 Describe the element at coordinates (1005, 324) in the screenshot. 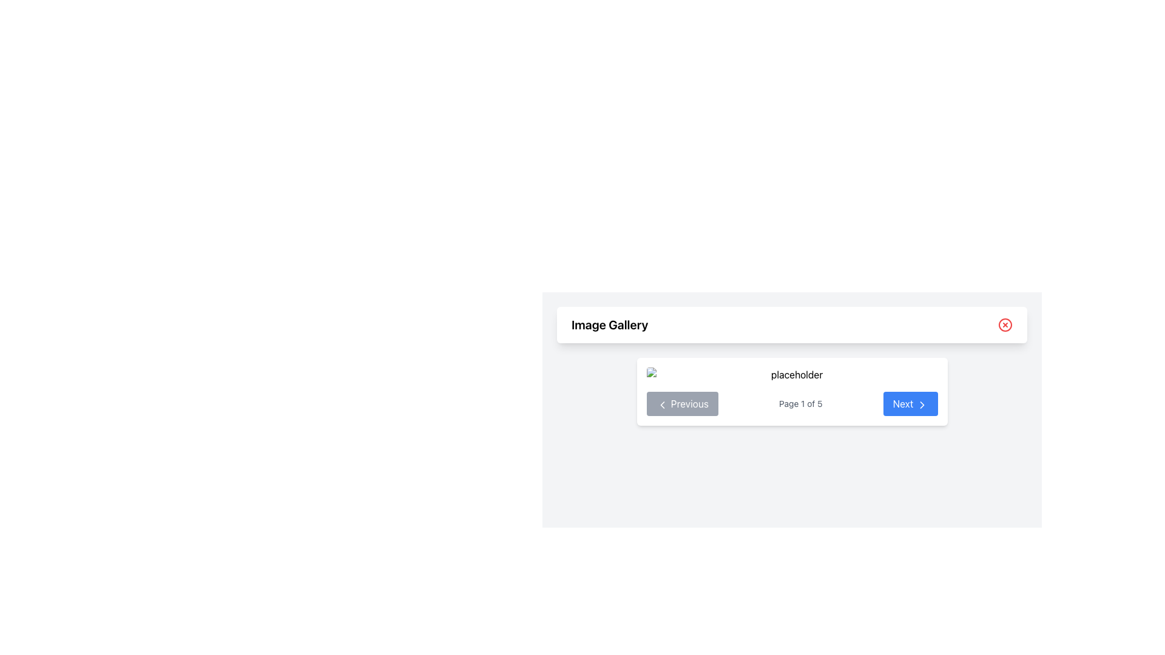

I see `the circular close button with a red stroke located at the far right of the header titled 'Image Gallery'` at that location.